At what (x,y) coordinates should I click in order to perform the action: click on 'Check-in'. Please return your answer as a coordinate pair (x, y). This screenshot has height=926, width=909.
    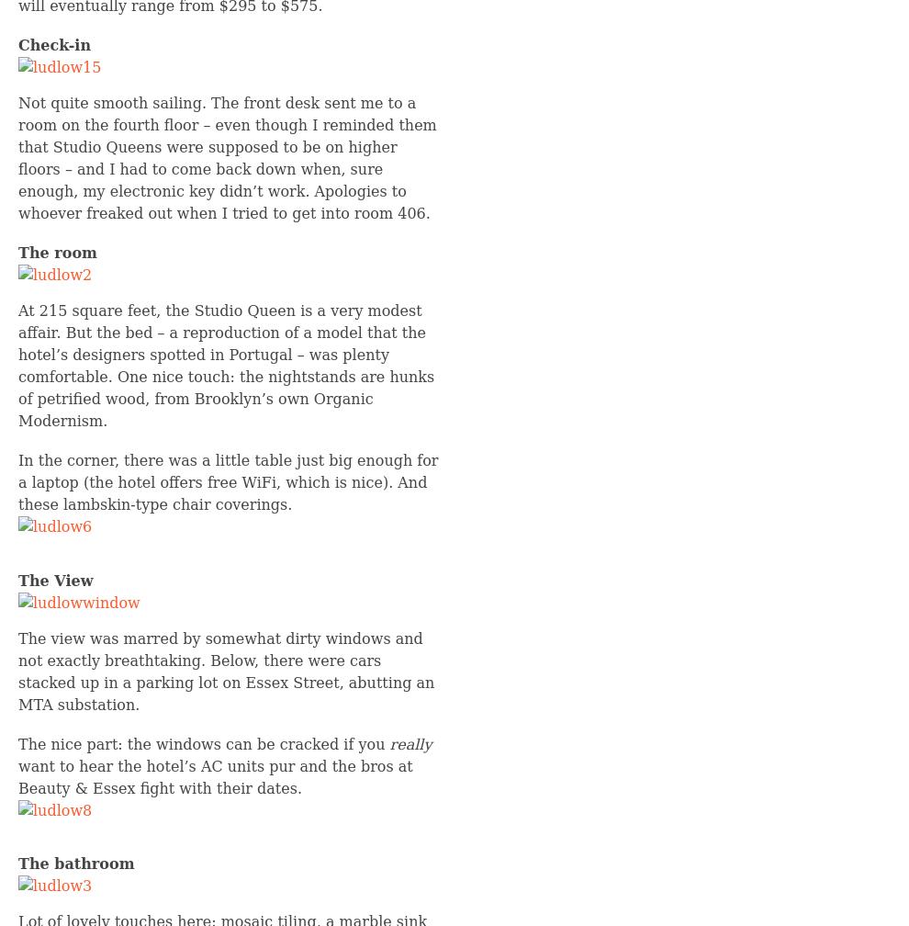
    Looking at the image, I should click on (17, 44).